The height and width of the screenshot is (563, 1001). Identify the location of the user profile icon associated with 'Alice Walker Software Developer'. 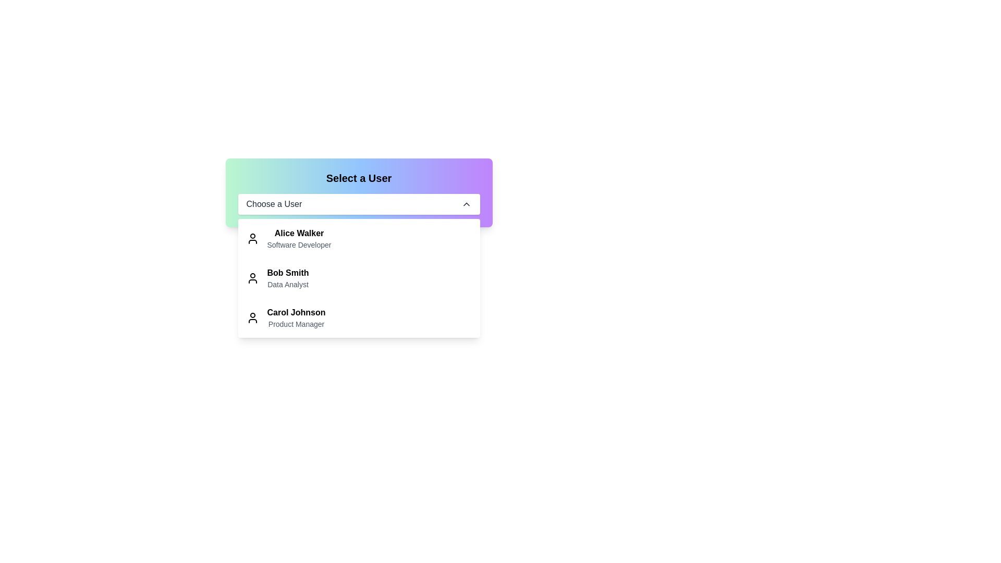
(252, 239).